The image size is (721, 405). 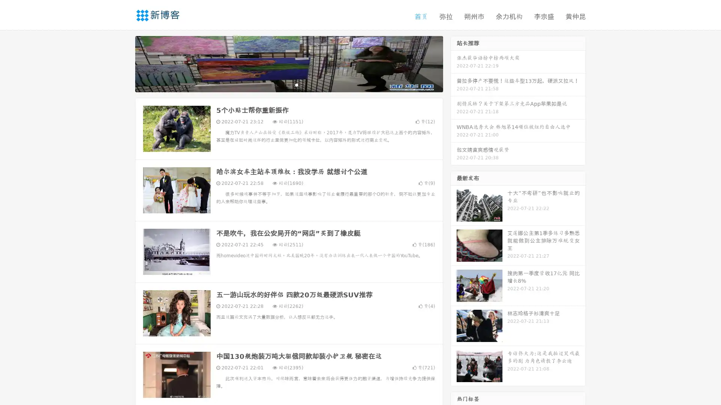 I want to click on Next slide, so click(x=454, y=63).